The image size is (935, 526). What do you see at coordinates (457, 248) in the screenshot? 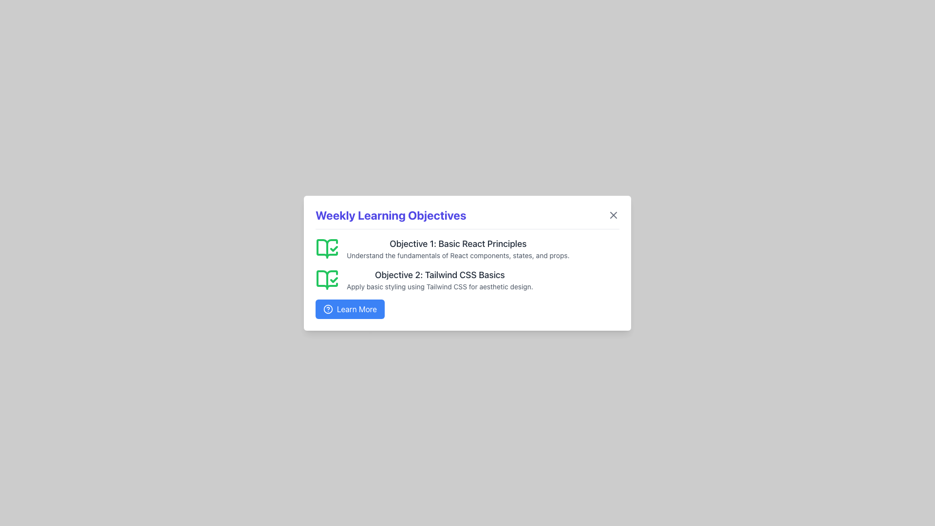
I see `the text block that states 'Objective 1: Basic React Principles' with the subtitle 'Understand the fundamentals of React components, states, and props.' located within the 'Weekly Learning Objectives' card` at bounding box center [457, 248].